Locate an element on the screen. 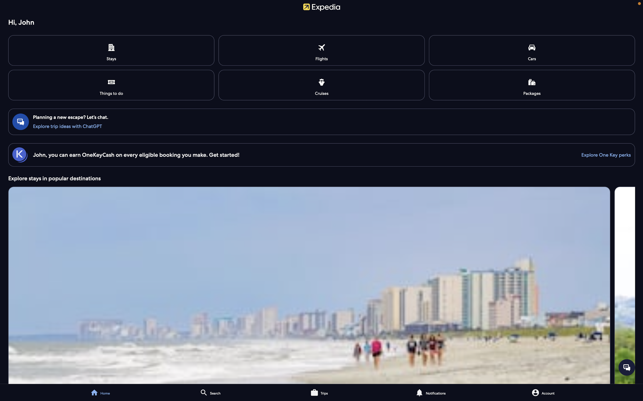 The image size is (643, 401). Browse and schedule package bookings is located at coordinates (531, 84).